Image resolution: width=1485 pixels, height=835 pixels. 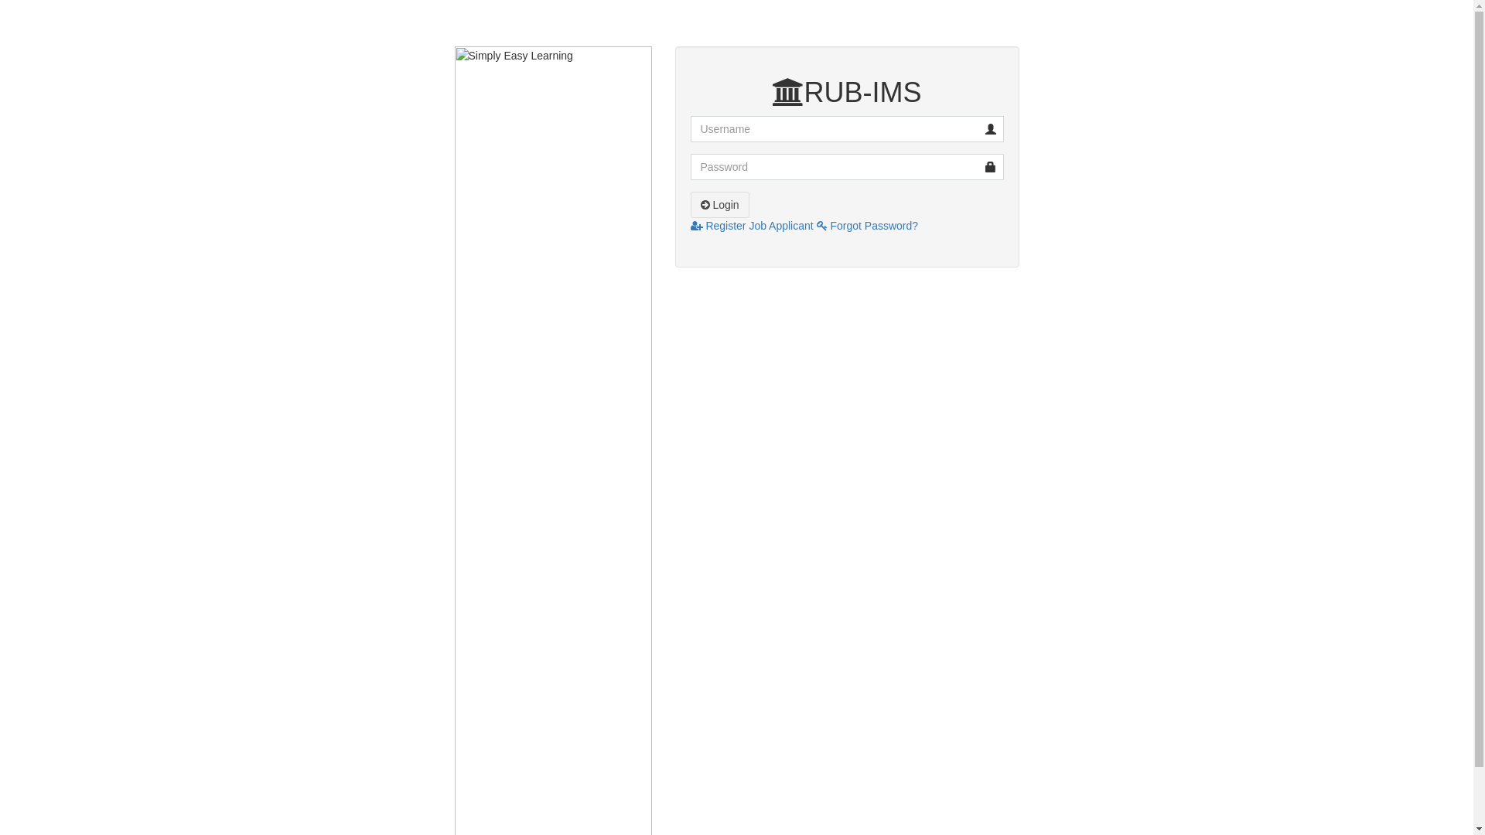 I want to click on 'Forgot Password?', so click(x=868, y=226).